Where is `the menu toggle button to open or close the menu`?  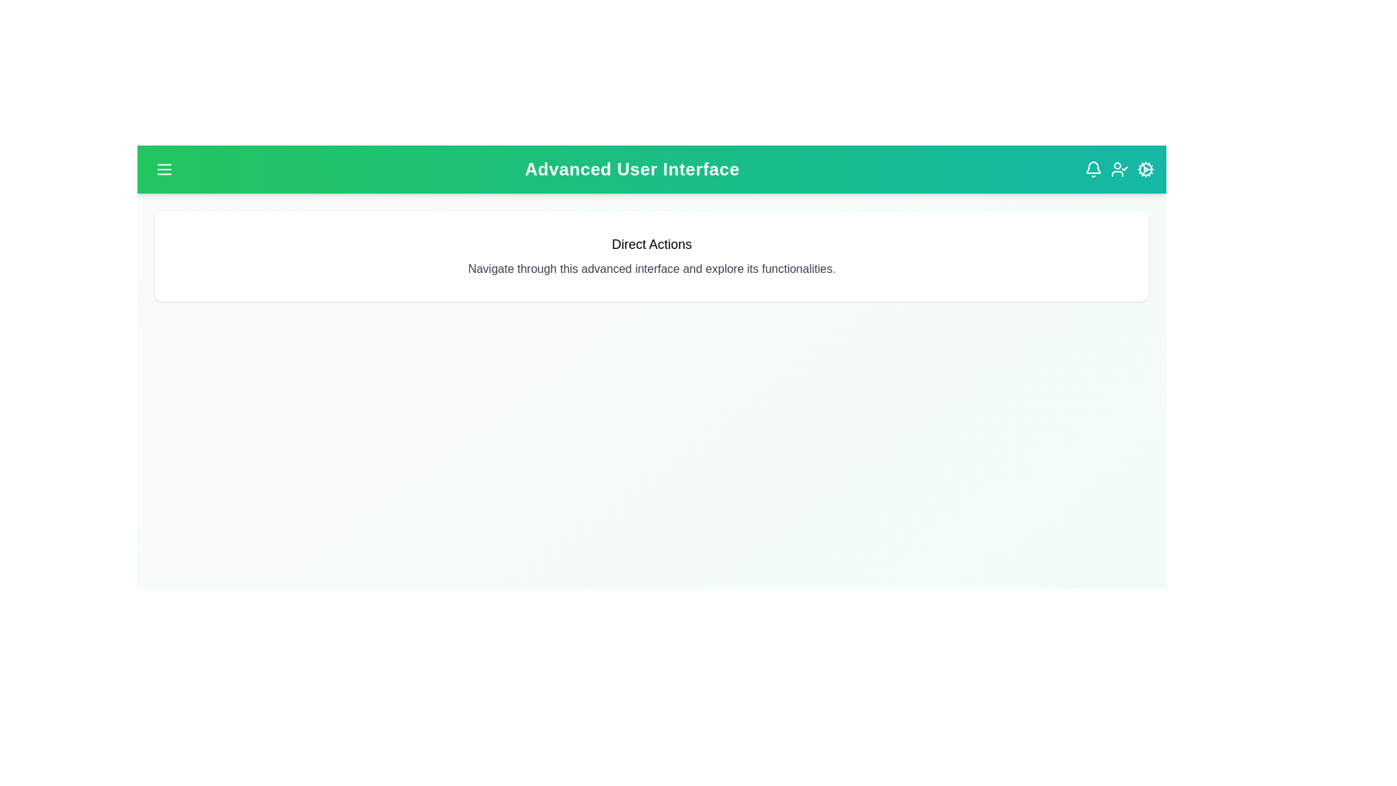
the menu toggle button to open or close the menu is located at coordinates (164, 168).